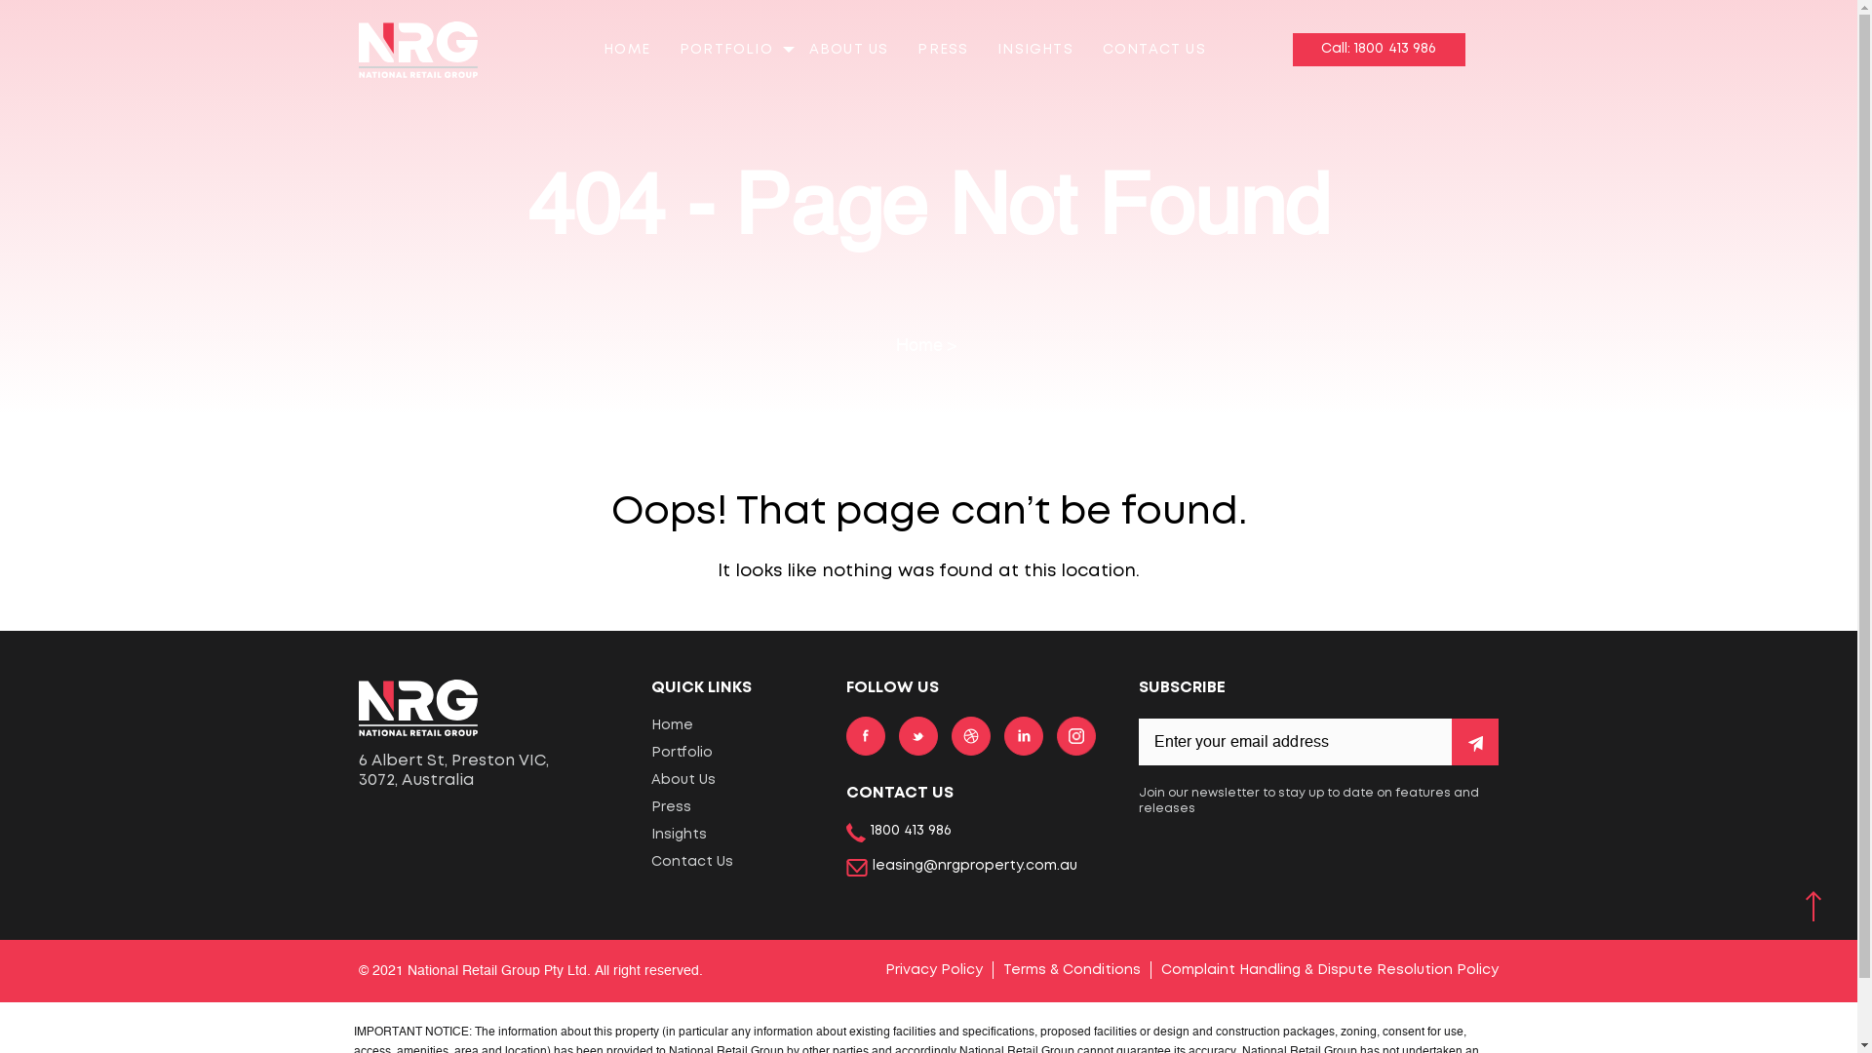 This screenshot has width=1872, height=1053. Describe the element at coordinates (1071, 970) in the screenshot. I see `'Terms & Conditions'` at that location.